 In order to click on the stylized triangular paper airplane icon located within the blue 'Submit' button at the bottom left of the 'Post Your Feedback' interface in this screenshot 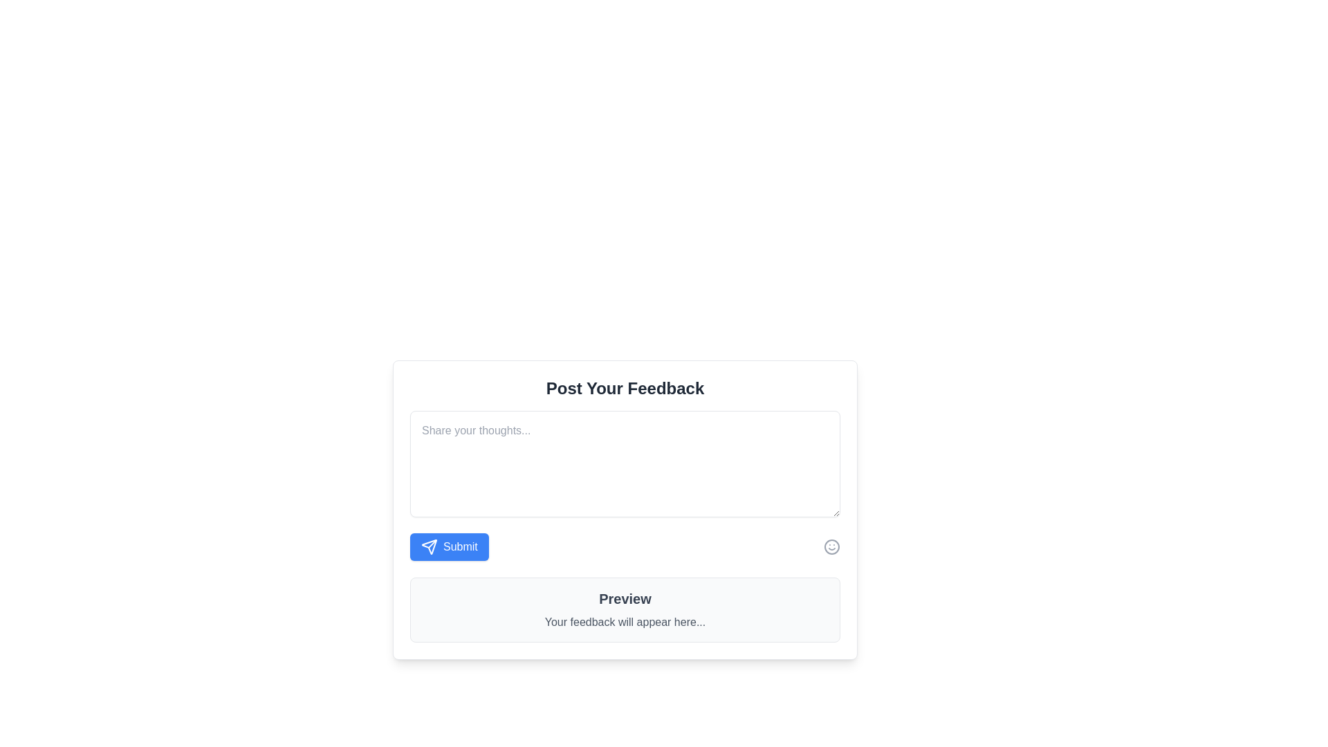, I will do `click(428, 546)`.